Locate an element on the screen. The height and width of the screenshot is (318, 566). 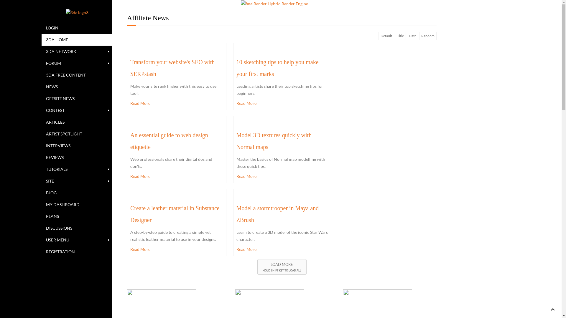
'NEWS' is located at coordinates (41, 87).